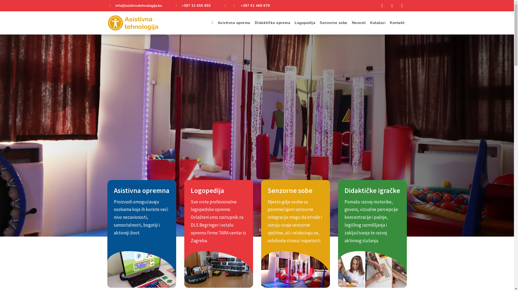  Describe the element at coordinates (377, 22) in the screenshot. I see `'Katalozi'` at that location.